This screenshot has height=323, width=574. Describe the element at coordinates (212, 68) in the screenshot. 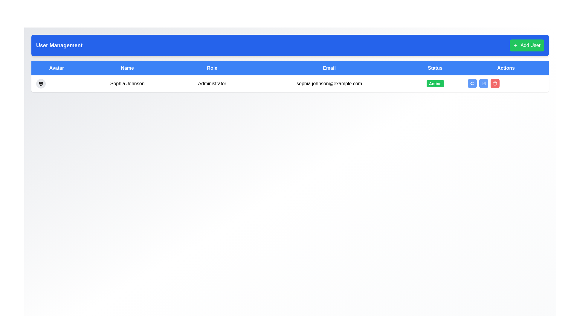

I see `the Text label displaying 'Role', which is styled in white on a blue background and is the third column in the header row of the table` at that location.